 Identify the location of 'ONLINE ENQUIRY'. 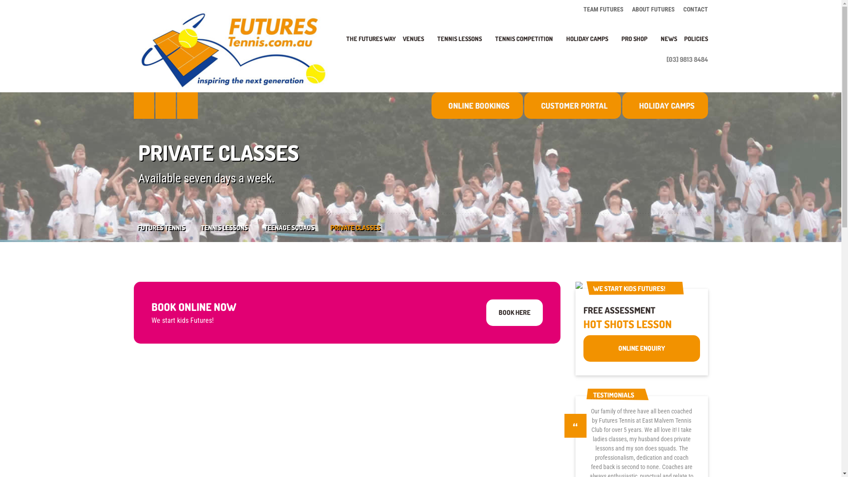
(642, 348).